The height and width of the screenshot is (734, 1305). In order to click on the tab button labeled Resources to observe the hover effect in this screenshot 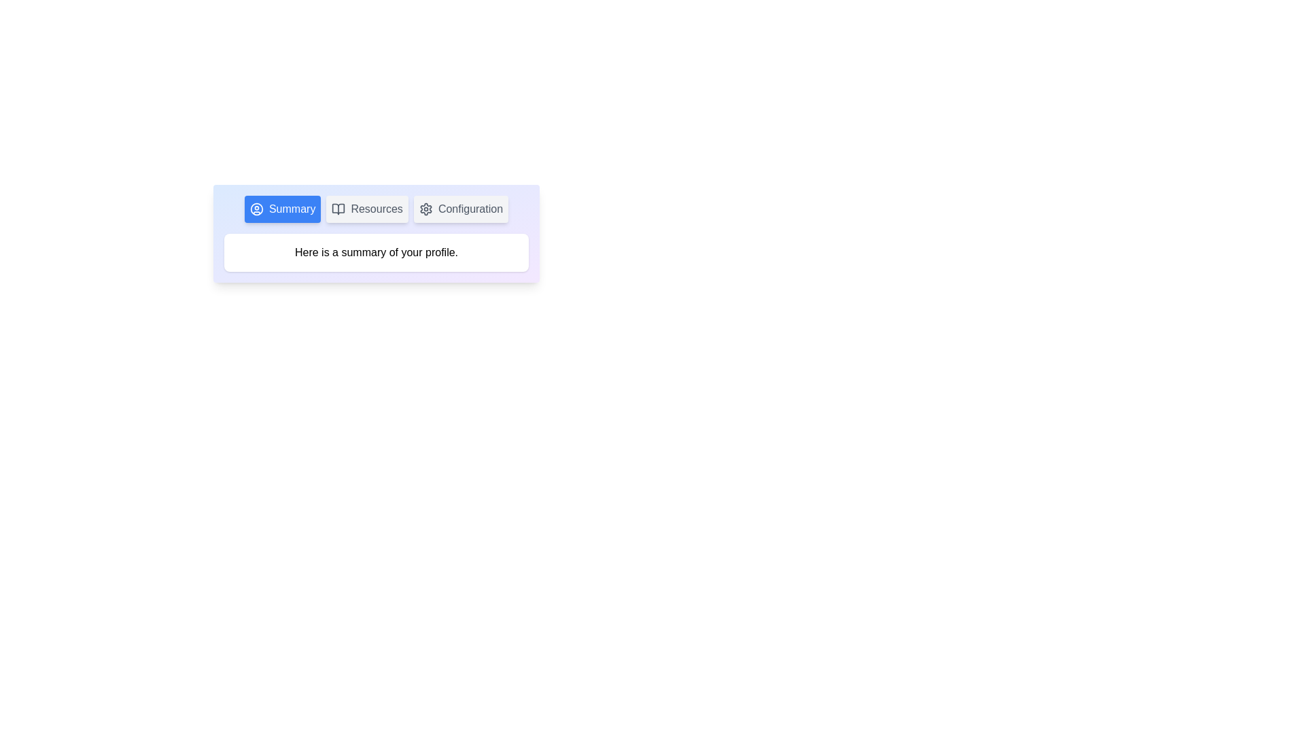, I will do `click(367, 209)`.